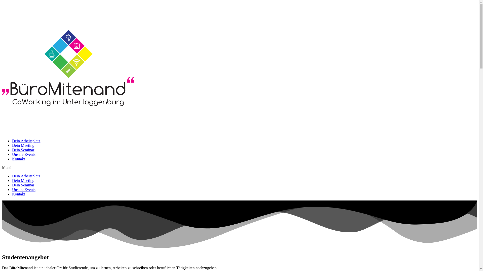  Describe the element at coordinates (12, 141) in the screenshot. I see `'Dein Arbeitsplatz'` at that location.